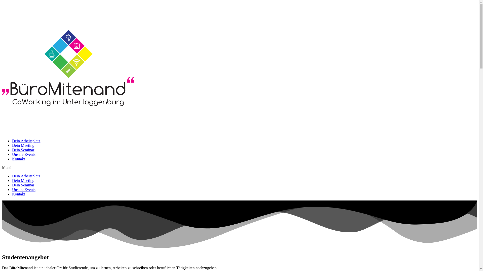  Describe the element at coordinates (12, 141) in the screenshot. I see `'Dein Arbeitsplatz'` at that location.